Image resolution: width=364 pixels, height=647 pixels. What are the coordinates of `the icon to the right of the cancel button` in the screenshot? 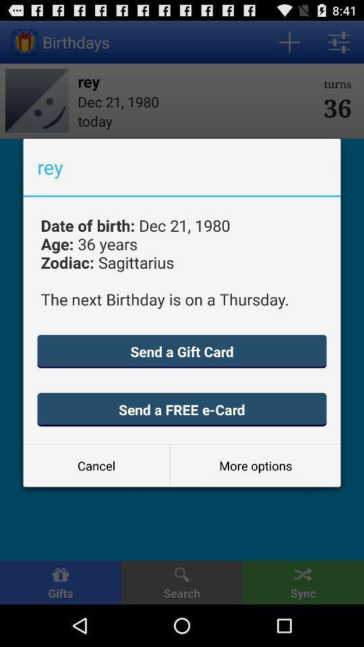 It's located at (255, 466).